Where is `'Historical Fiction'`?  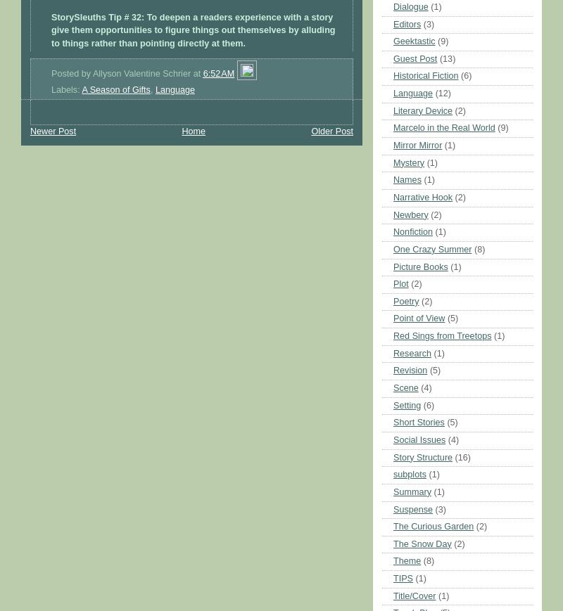
'Historical Fiction' is located at coordinates (425, 75).